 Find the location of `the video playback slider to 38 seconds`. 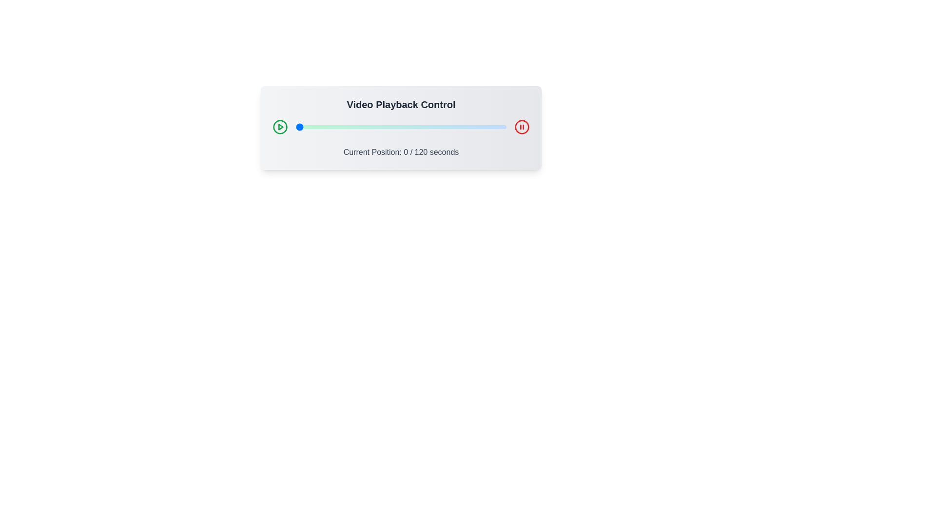

the video playback slider to 38 seconds is located at coordinates (362, 127).